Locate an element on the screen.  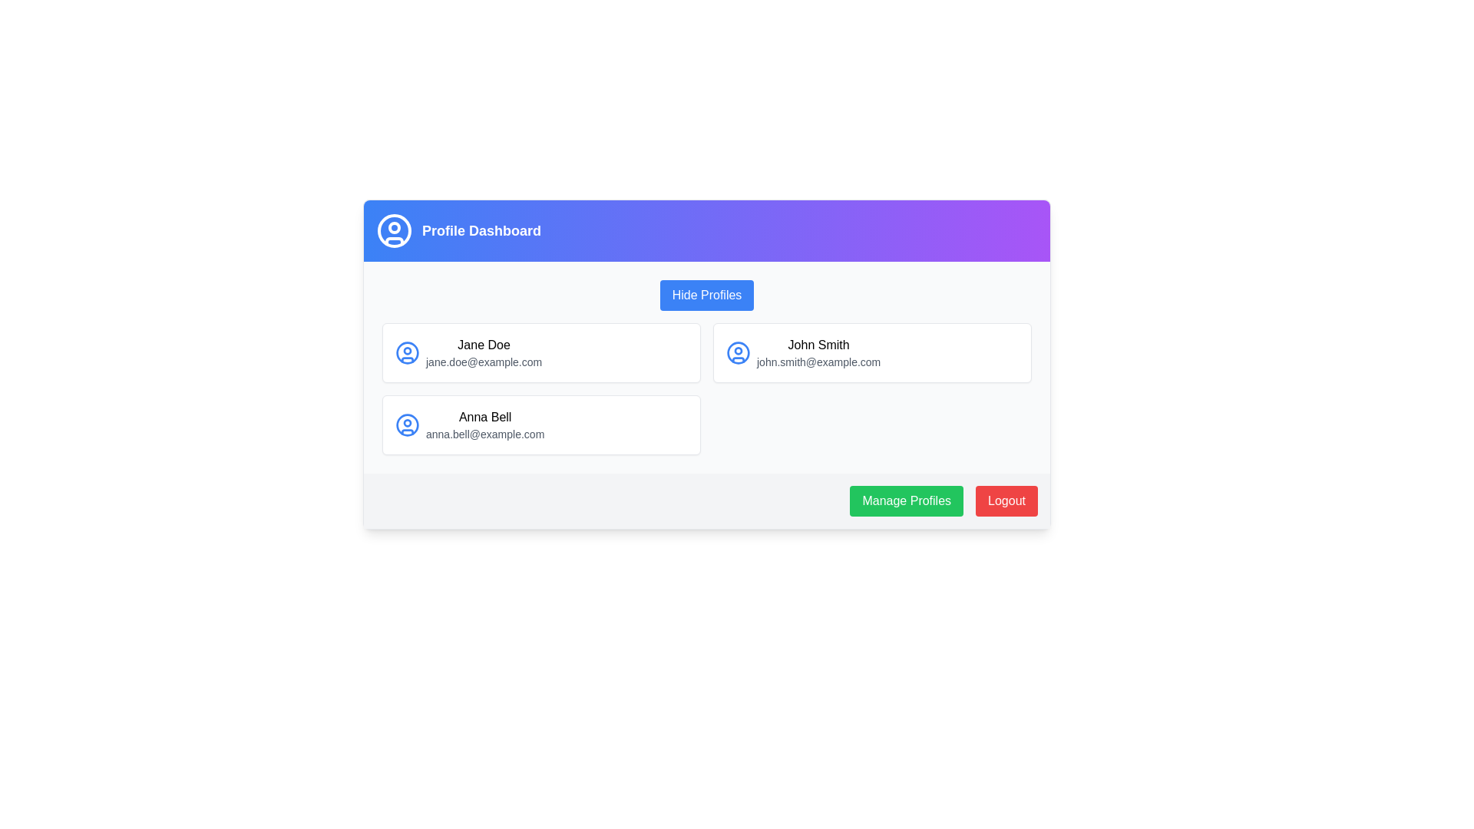
the circular blue profile icon representing 'John Smith' located on the right of the profiles area is located at coordinates (738, 352).